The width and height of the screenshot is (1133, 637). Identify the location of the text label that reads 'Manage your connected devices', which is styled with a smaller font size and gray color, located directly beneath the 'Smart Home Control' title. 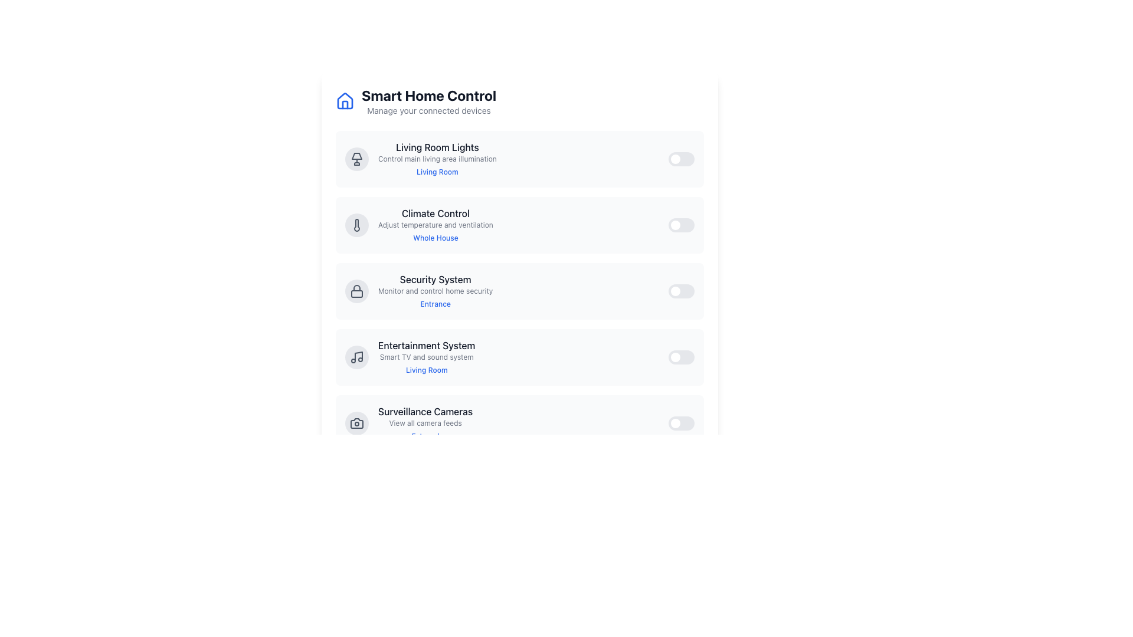
(428, 111).